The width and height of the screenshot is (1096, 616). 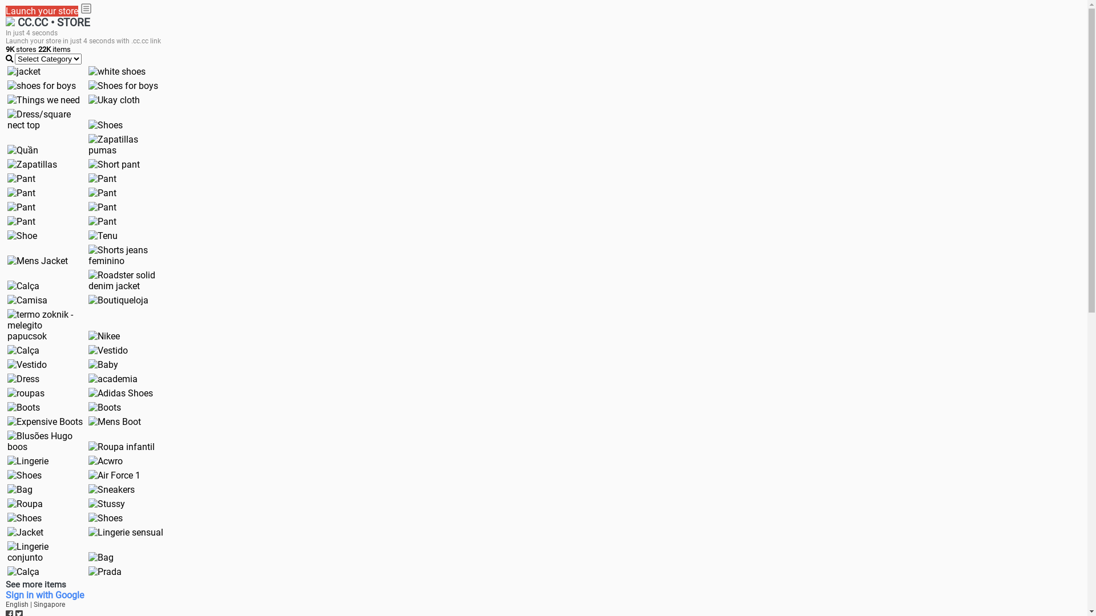 I want to click on 'Lingerie', so click(x=27, y=460).